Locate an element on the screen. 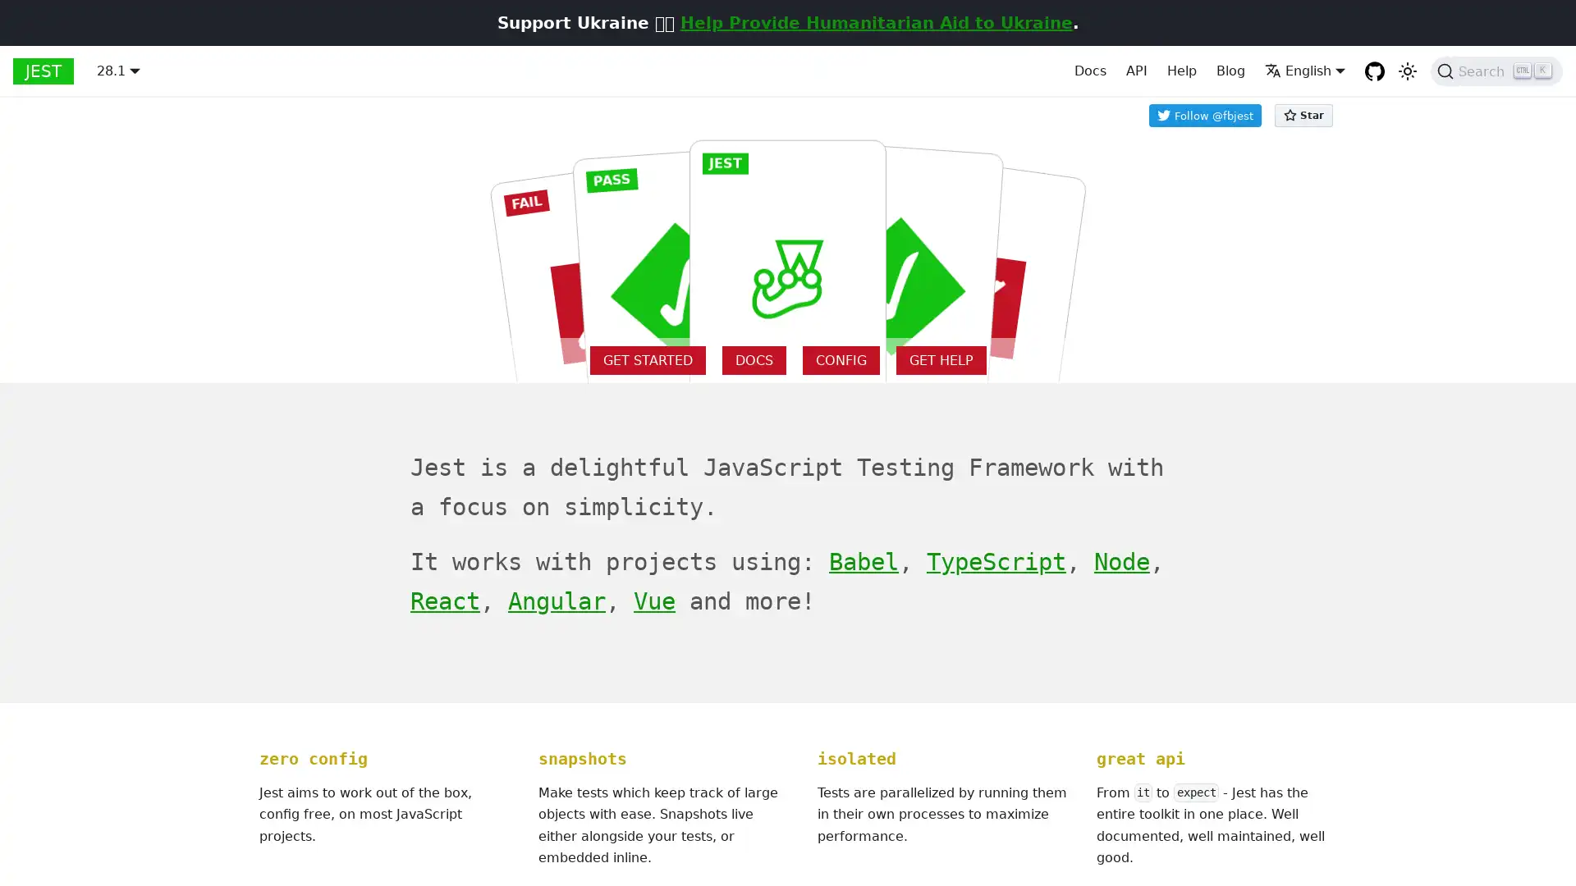  Switch between dark and light mode (currently light mode) is located at coordinates (1406, 71).